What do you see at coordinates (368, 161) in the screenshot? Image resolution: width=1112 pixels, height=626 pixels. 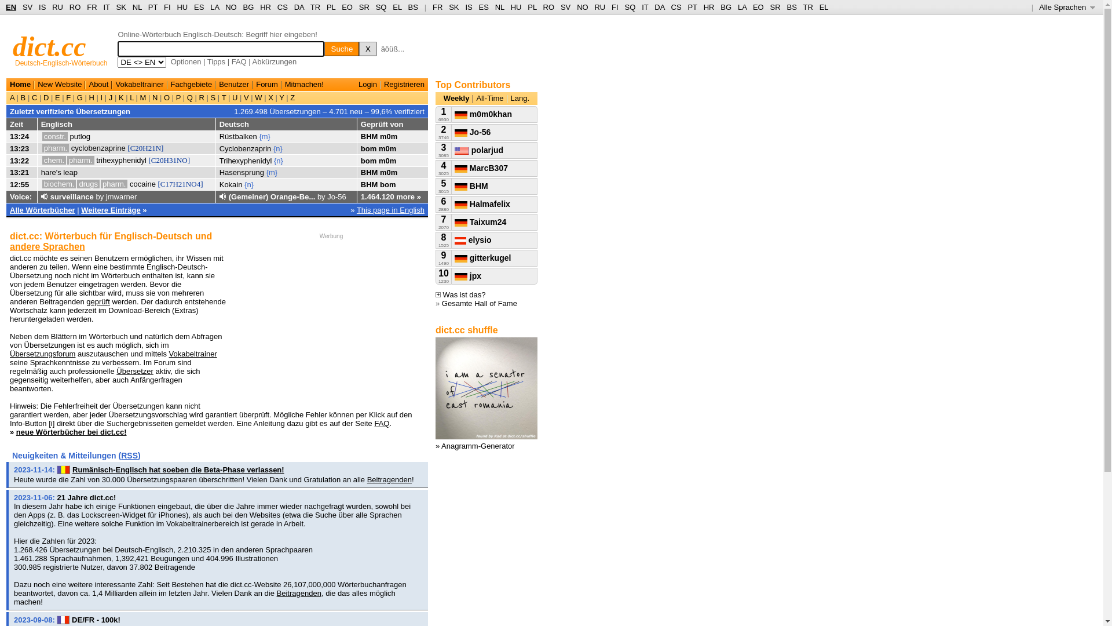 I see `'bom'` at bounding box center [368, 161].